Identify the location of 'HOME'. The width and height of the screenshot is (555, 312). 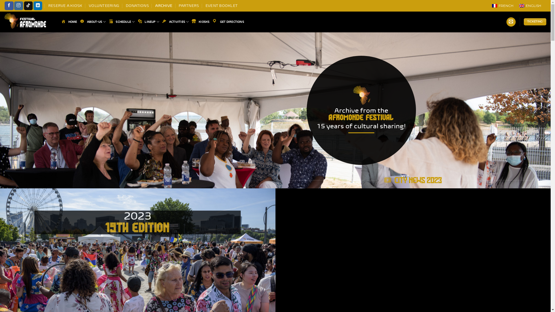
(61, 22).